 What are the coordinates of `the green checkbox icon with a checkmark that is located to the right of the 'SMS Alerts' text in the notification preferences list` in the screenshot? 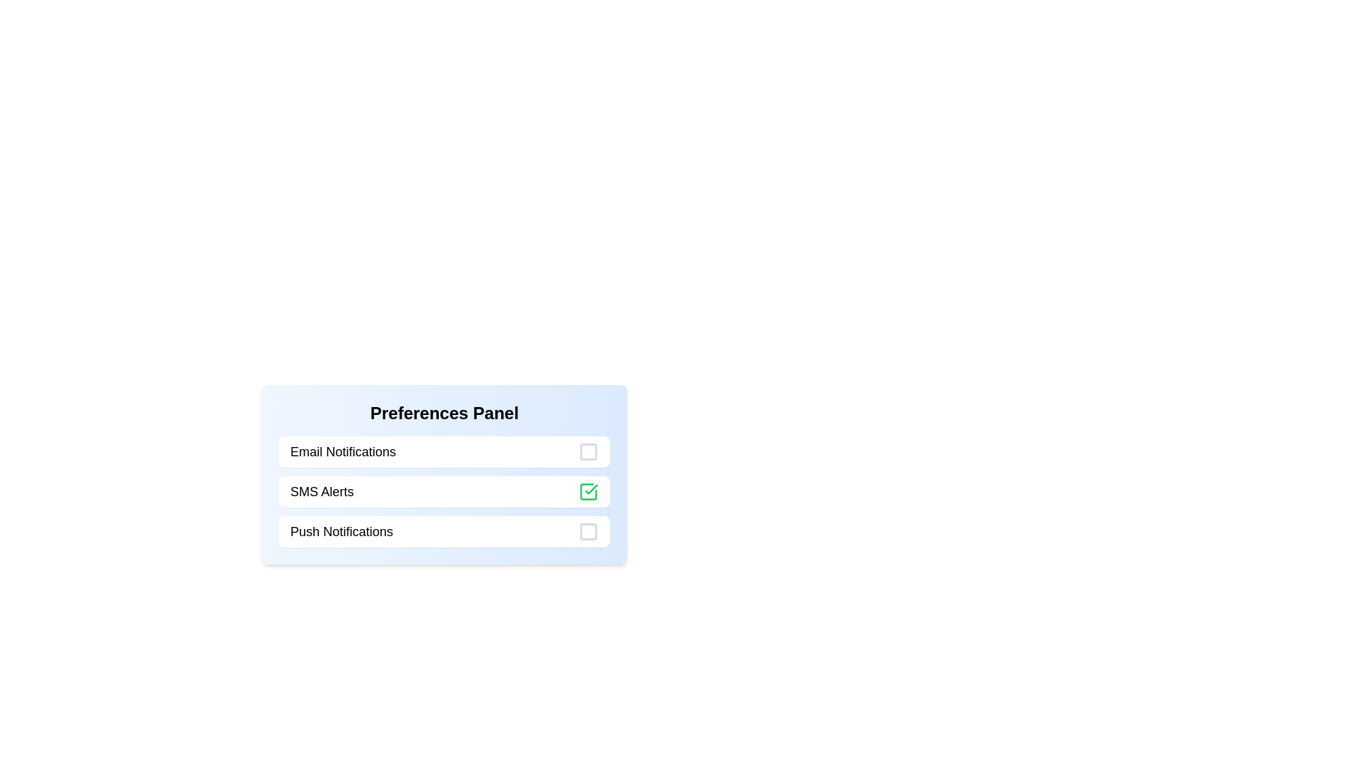 It's located at (589, 491).